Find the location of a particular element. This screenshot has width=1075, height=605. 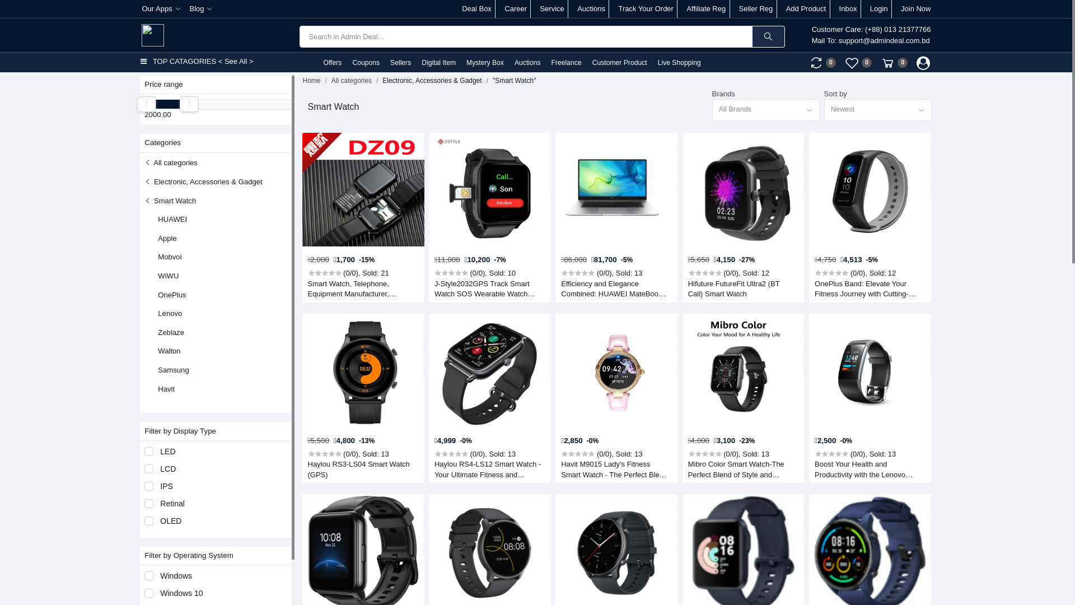

'Join Now' is located at coordinates (915, 8).